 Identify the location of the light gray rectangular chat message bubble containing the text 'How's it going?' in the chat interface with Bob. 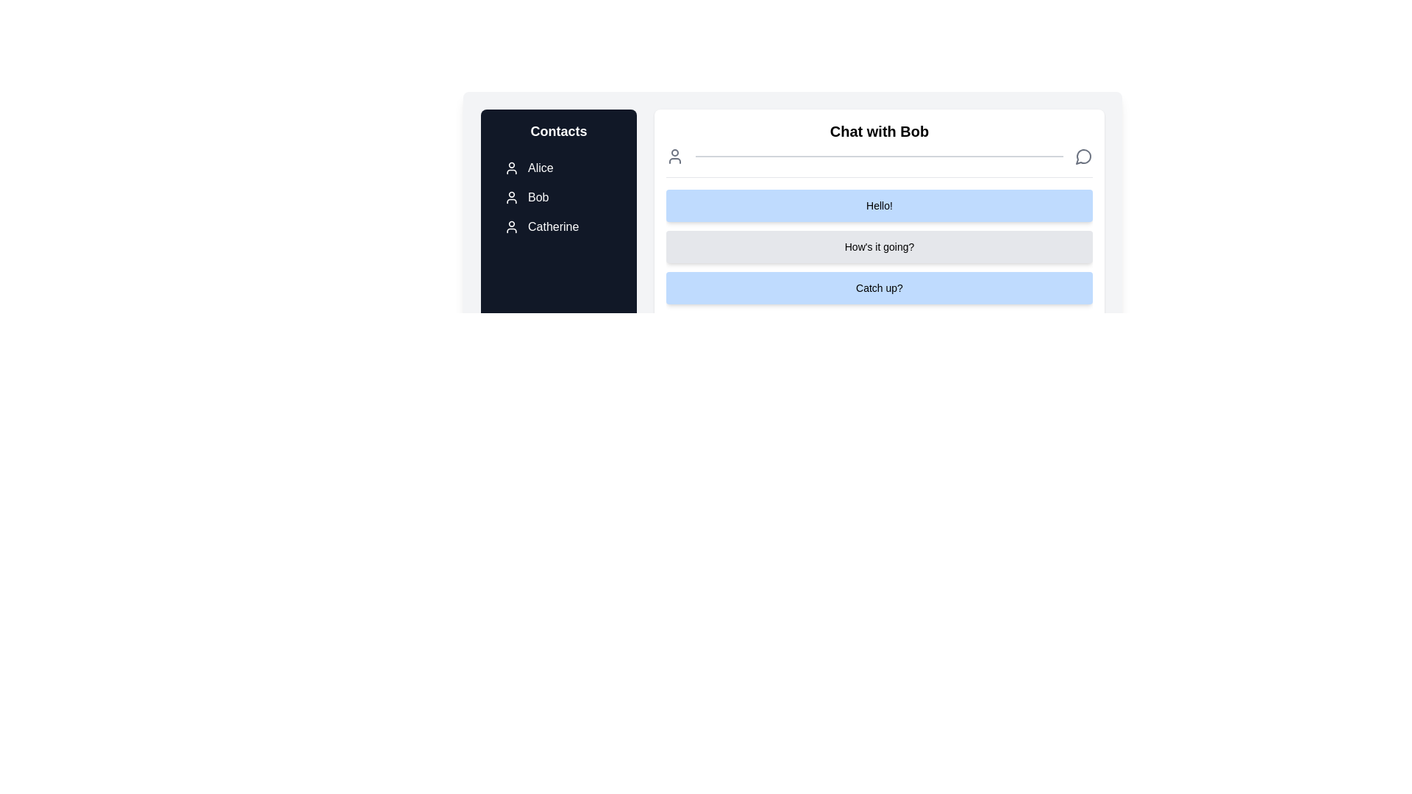
(879, 260).